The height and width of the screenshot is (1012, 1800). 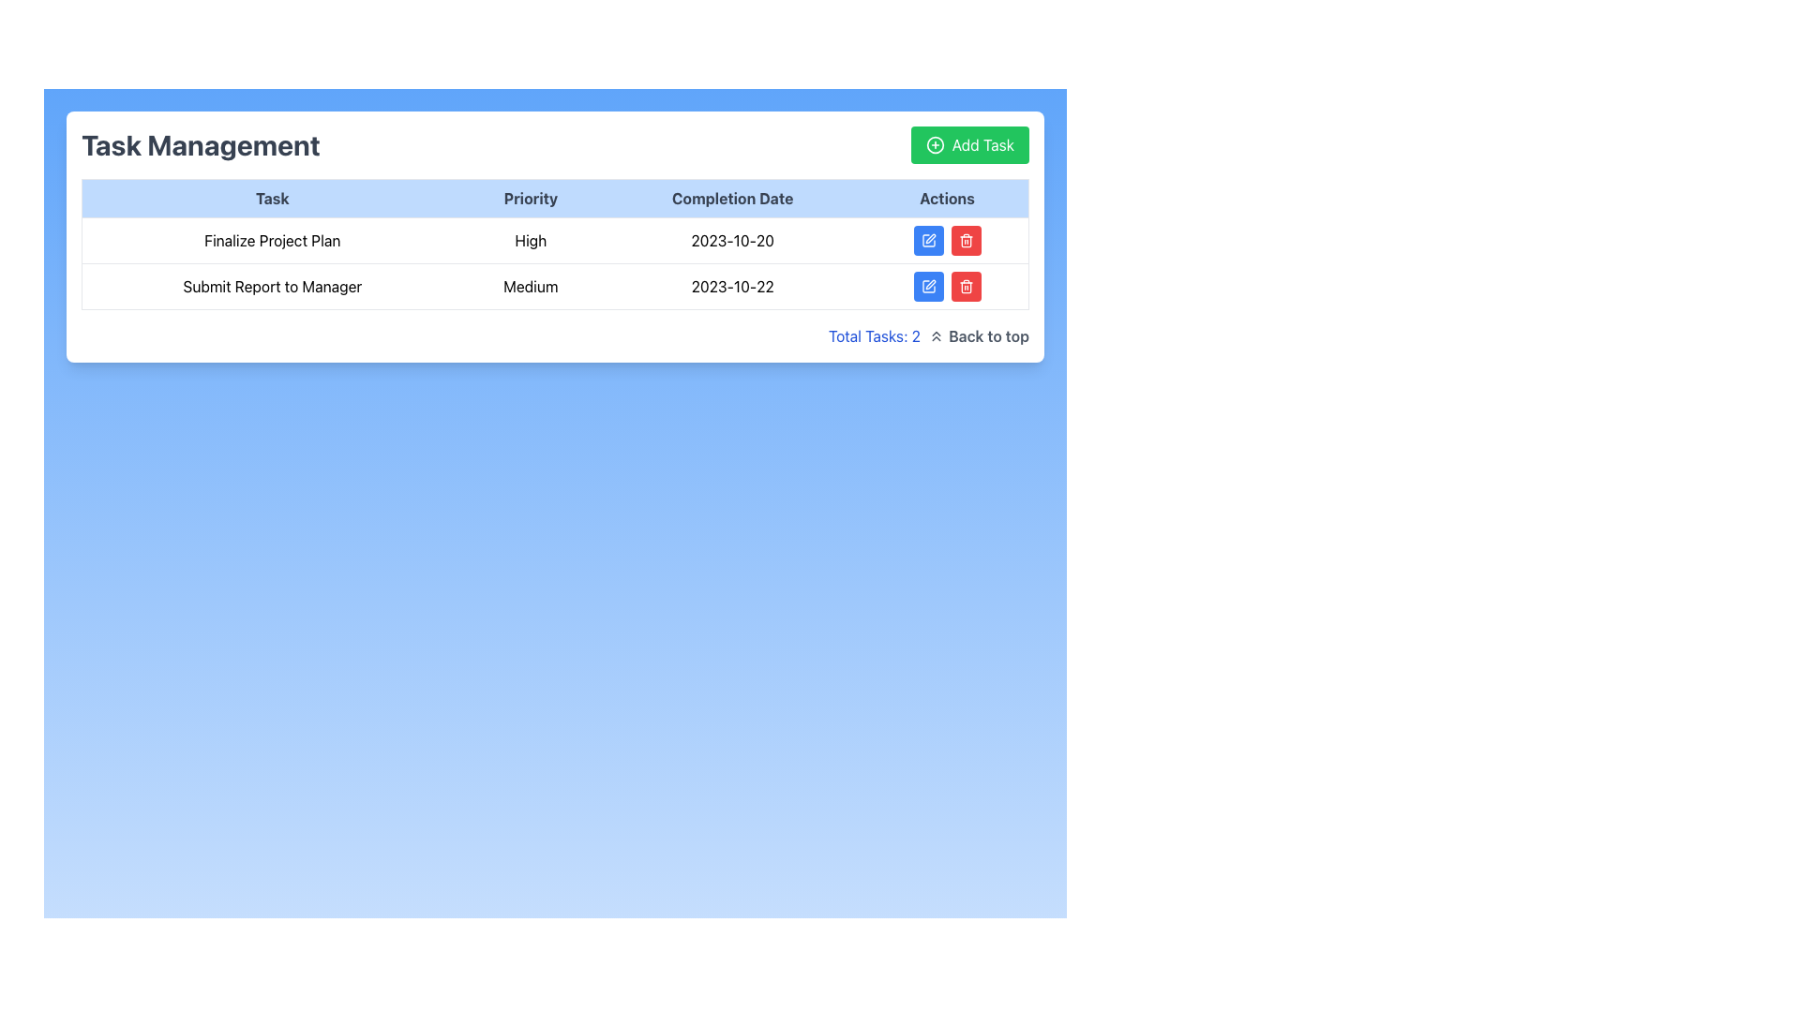 What do you see at coordinates (935, 143) in the screenshot?
I see `the circular plus icon within the green 'Add Task' button, located at the top-right corner of the task management dashboard` at bounding box center [935, 143].